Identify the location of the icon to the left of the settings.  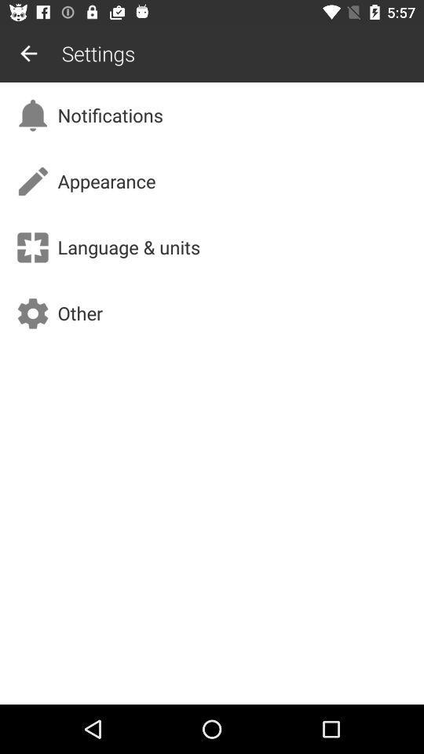
(28, 53).